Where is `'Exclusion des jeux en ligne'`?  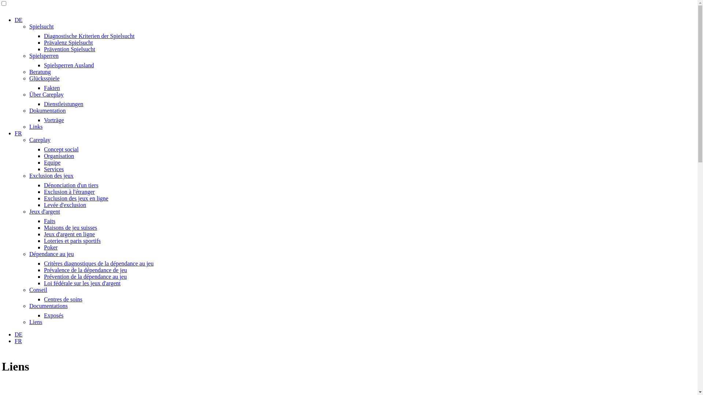 'Exclusion des jeux en ligne' is located at coordinates (76, 198).